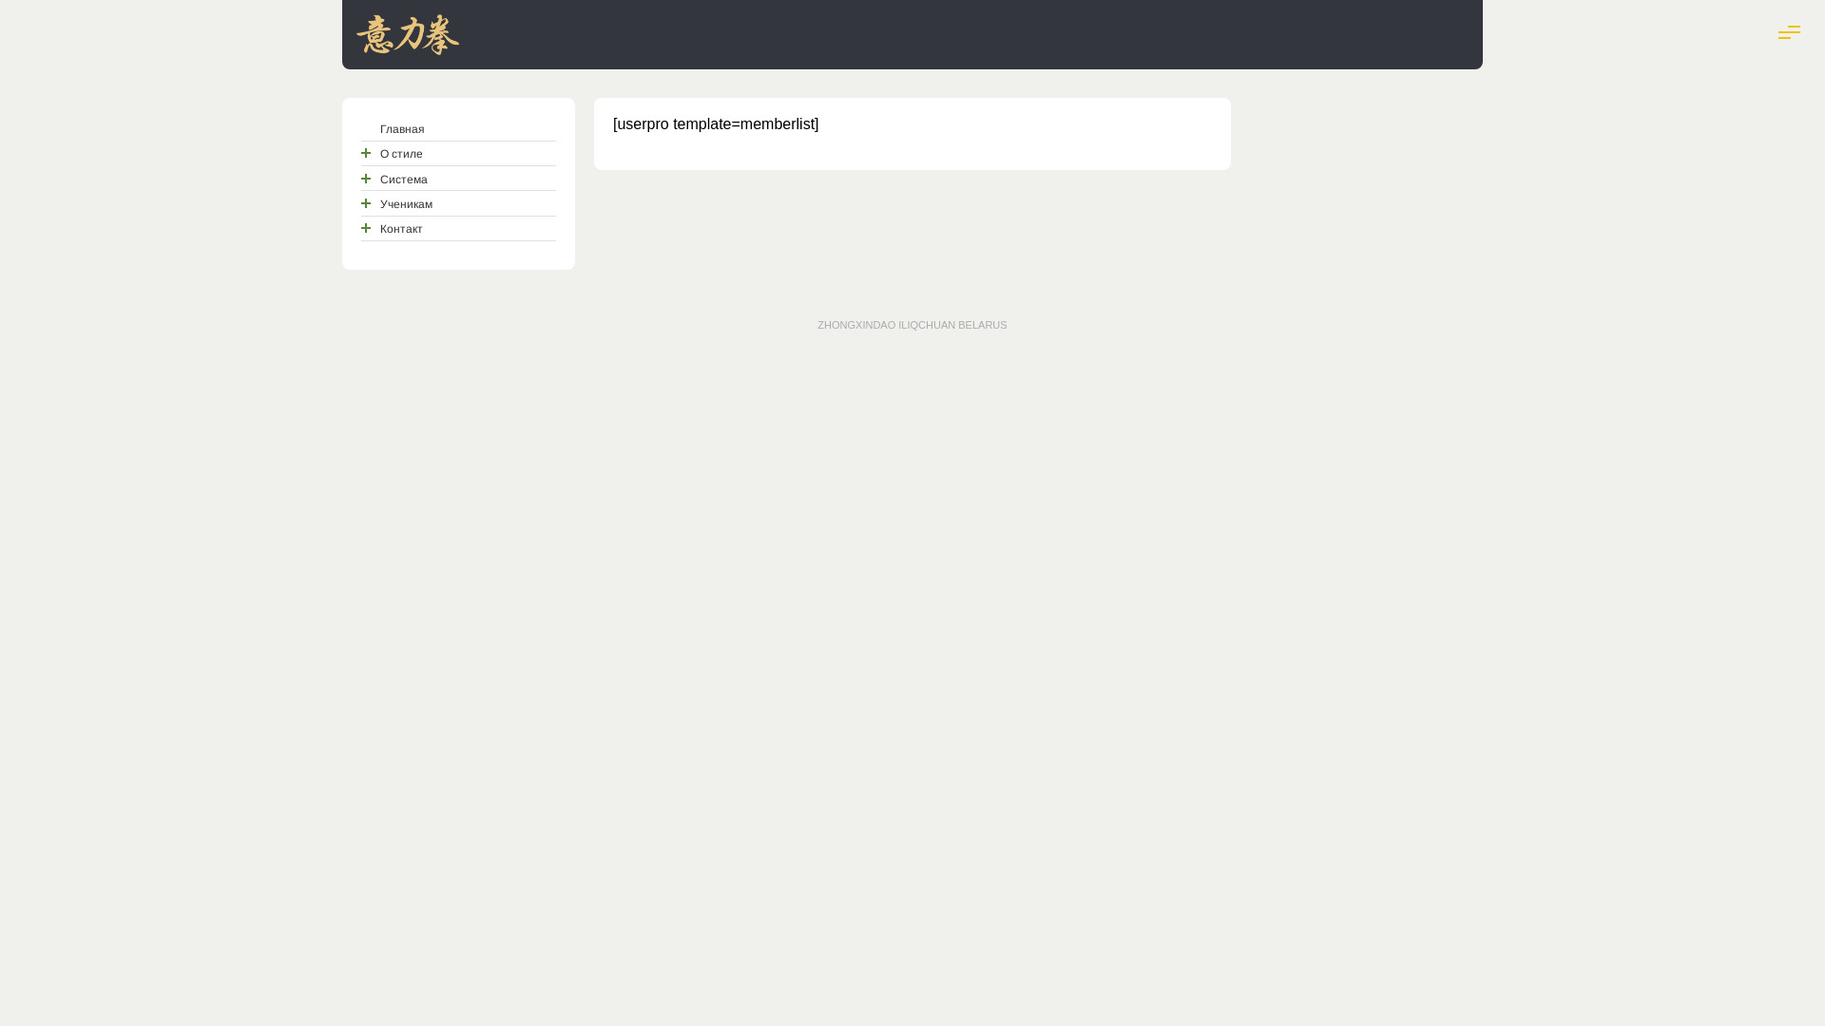 This screenshot has width=1825, height=1026. I want to click on 'The Martial Art of Awareness', so click(406, 46).